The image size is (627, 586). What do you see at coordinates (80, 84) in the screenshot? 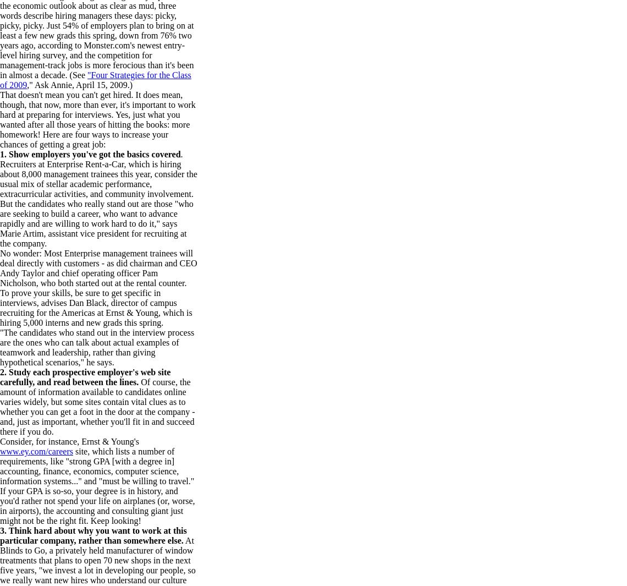
I see `'," Ask Annie, April 15, 2009.)'` at bounding box center [80, 84].